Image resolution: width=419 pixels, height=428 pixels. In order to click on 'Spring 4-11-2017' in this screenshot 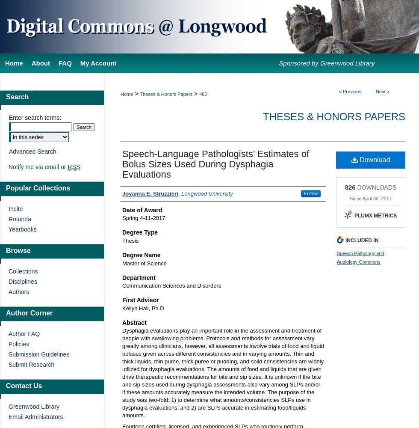, I will do `click(144, 218)`.